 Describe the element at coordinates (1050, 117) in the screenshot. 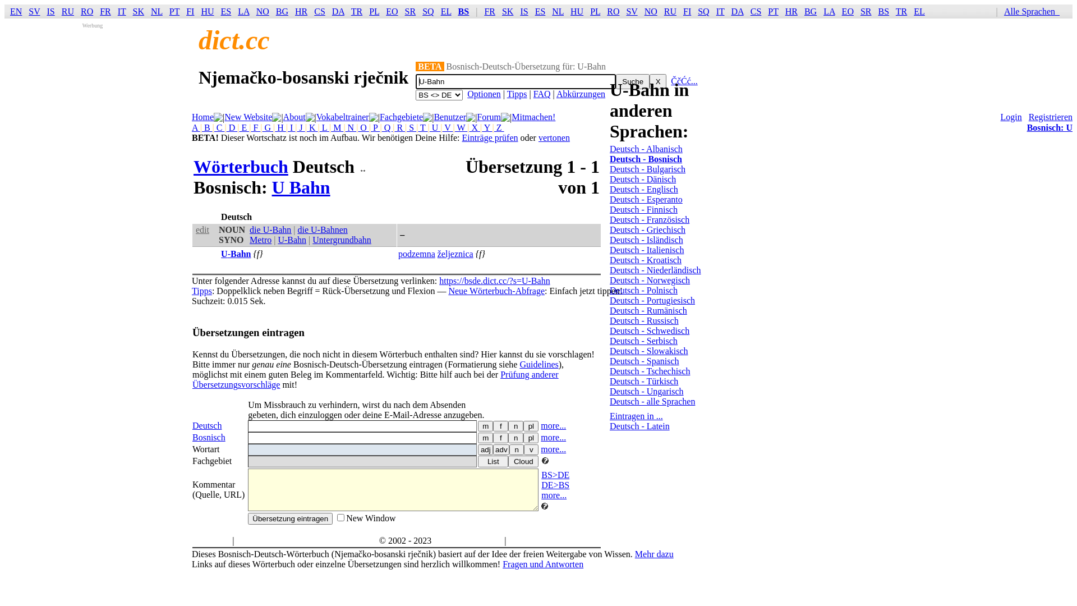

I see `'Registrieren'` at that location.